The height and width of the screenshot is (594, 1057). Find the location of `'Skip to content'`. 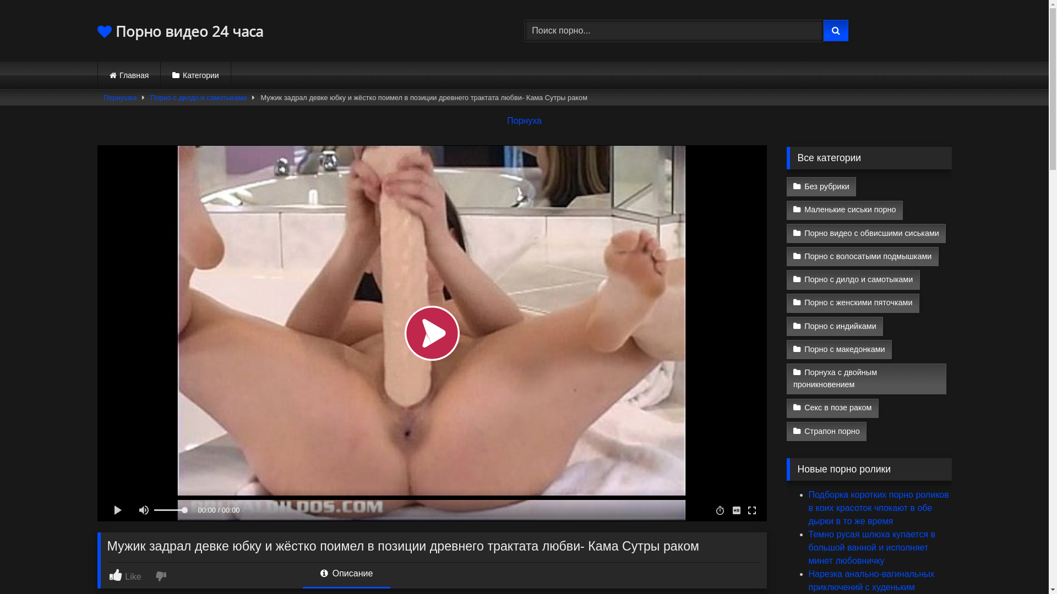

'Skip to content' is located at coordinates (0, 0).